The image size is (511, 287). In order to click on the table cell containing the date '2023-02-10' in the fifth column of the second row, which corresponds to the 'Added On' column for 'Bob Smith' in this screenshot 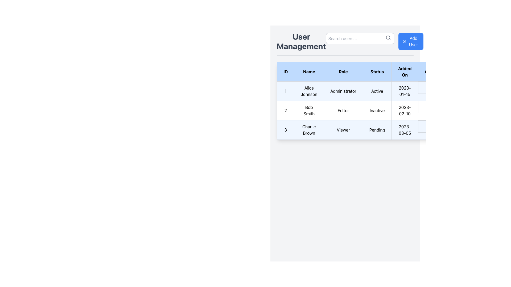, I will do `click(405, 110)`.